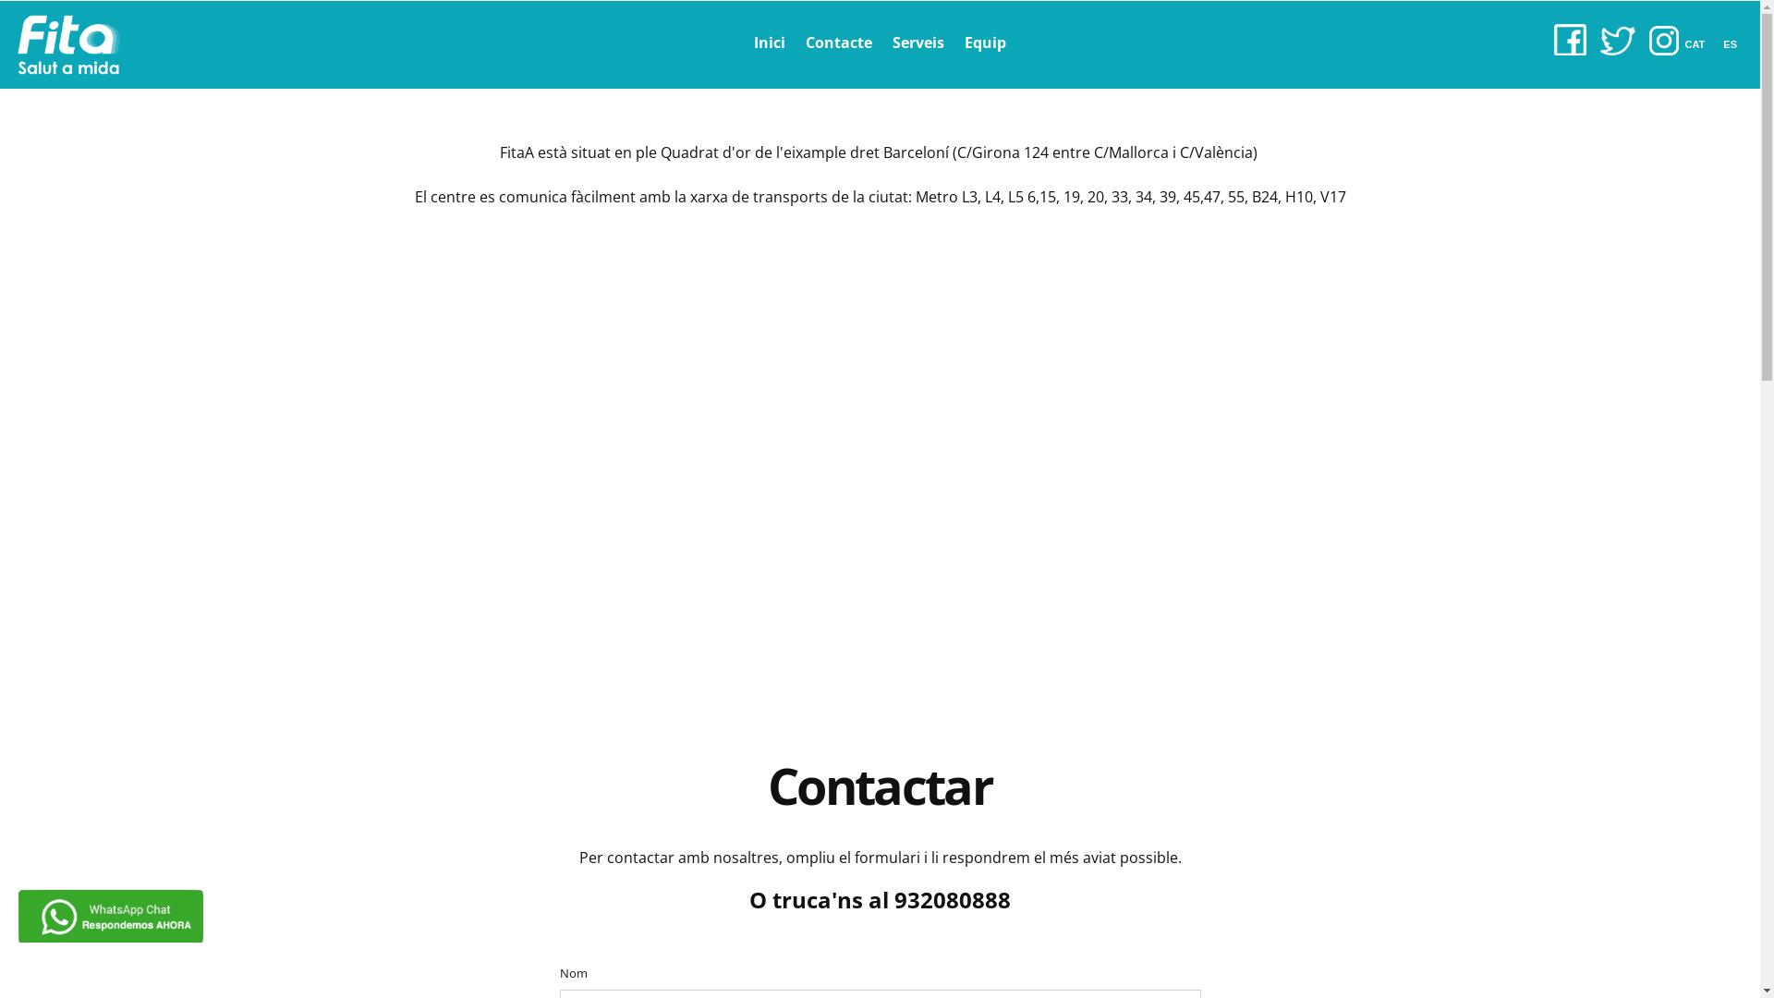 The image size is (1774, 998). I want to click on 'Contacte', so click(837, 42).